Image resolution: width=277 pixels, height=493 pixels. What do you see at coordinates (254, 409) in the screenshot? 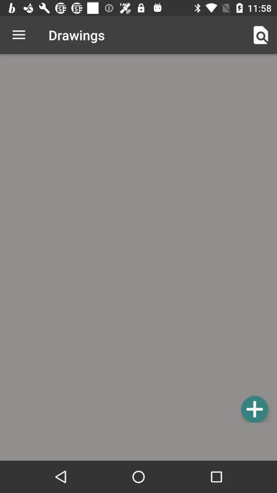
I see `the add icon` at bounding box center [254, 409].